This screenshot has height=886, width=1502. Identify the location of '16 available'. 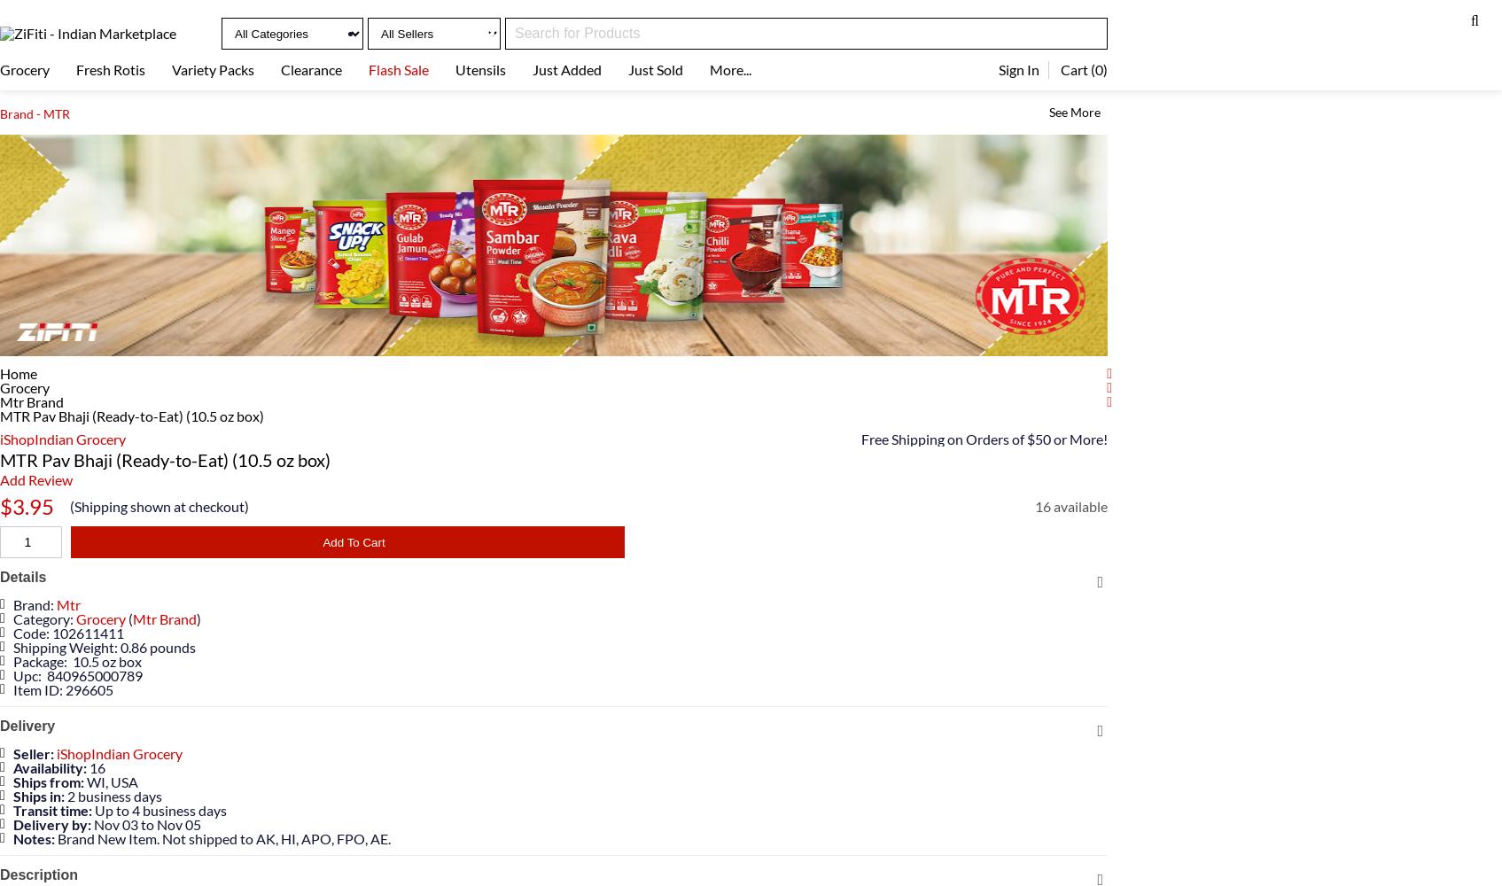
(1071, 505).